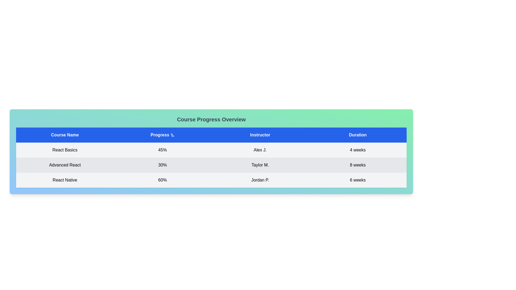  What do you see at coordinates (260, 180) in the screenshot?
I see `displayed text 'Jordan P.' from the instructor column in the last row of the table, which is the third cell in that row` at bounding box center [260, 180].